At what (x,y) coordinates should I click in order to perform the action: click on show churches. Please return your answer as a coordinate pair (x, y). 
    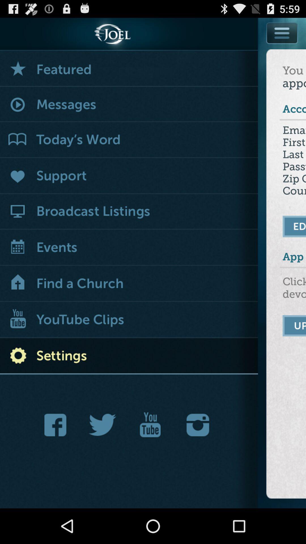
    Looking at the image, I should click on (129, 284).